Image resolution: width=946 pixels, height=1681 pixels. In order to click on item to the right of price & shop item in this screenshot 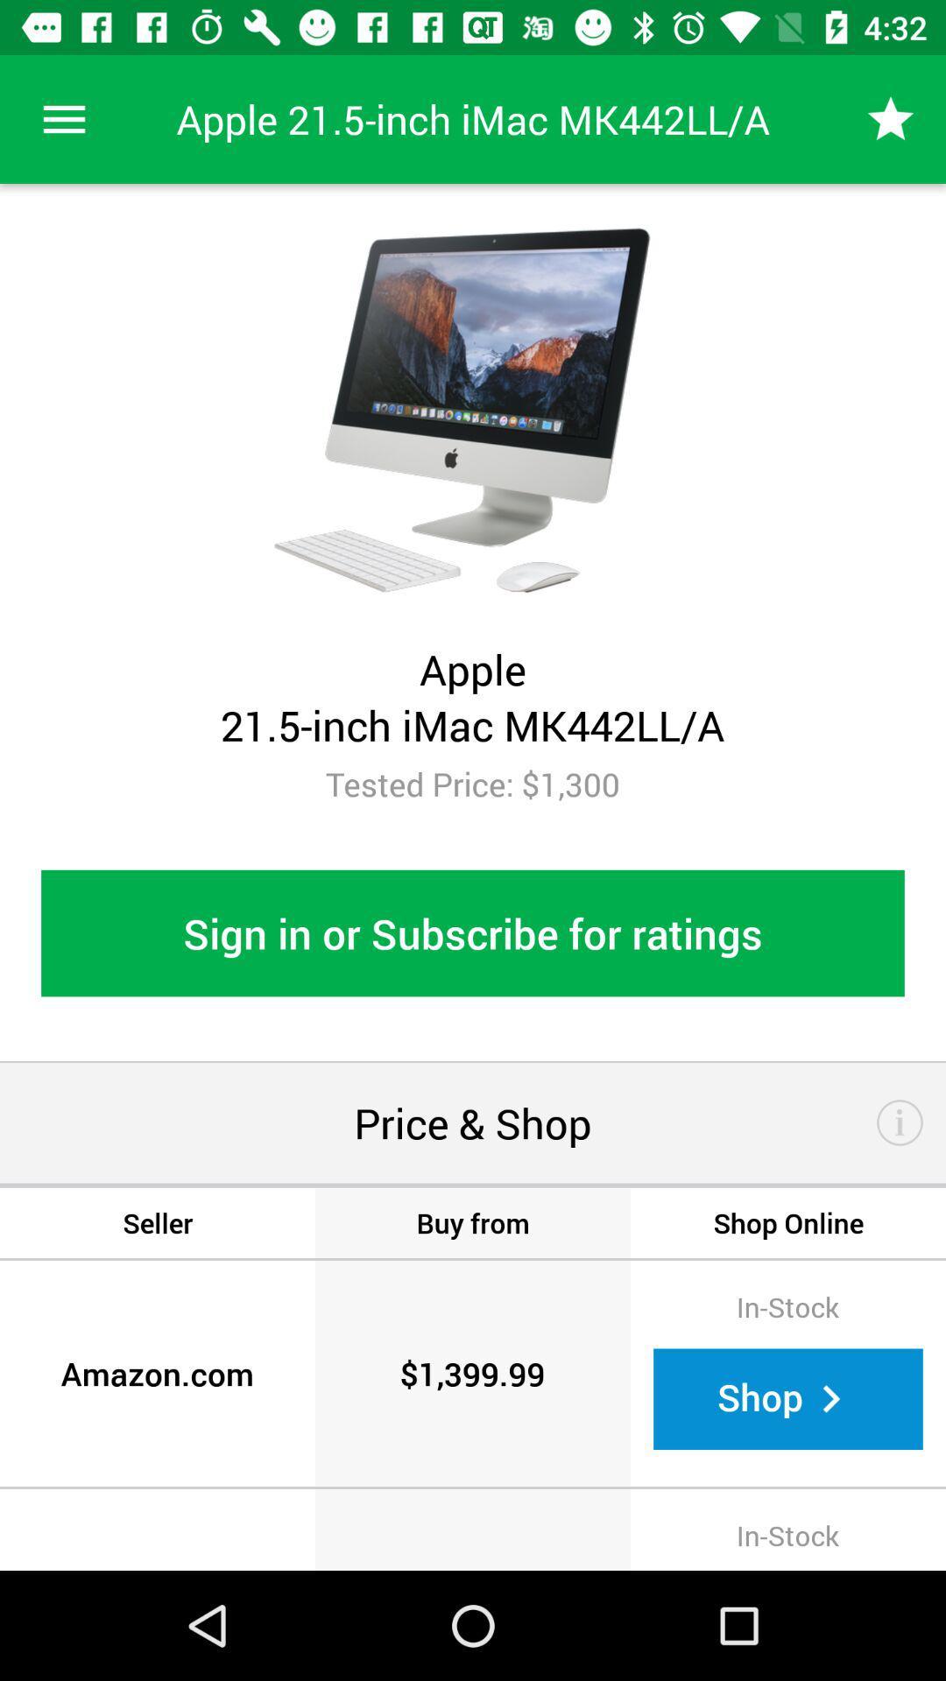, I will do `click(900, 1122)`.